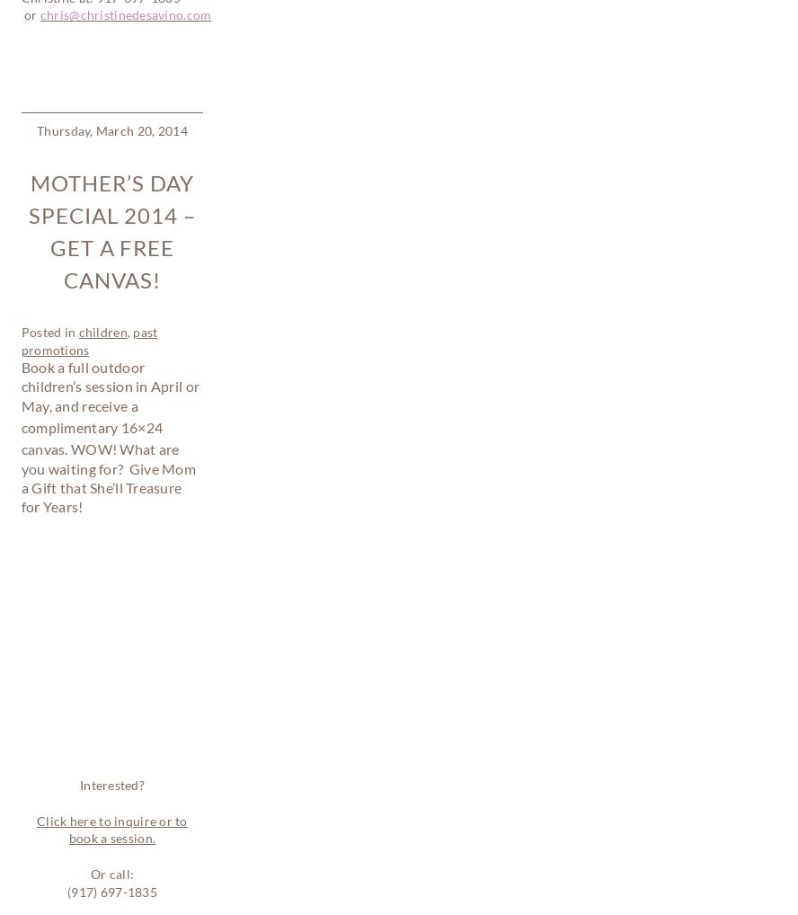 The width and height of the screenshot is (798, 915). What do you see at coordinates (64, 630) in the screenshot?
I see `'View Portfolio'` at bounding box center [64, 630].